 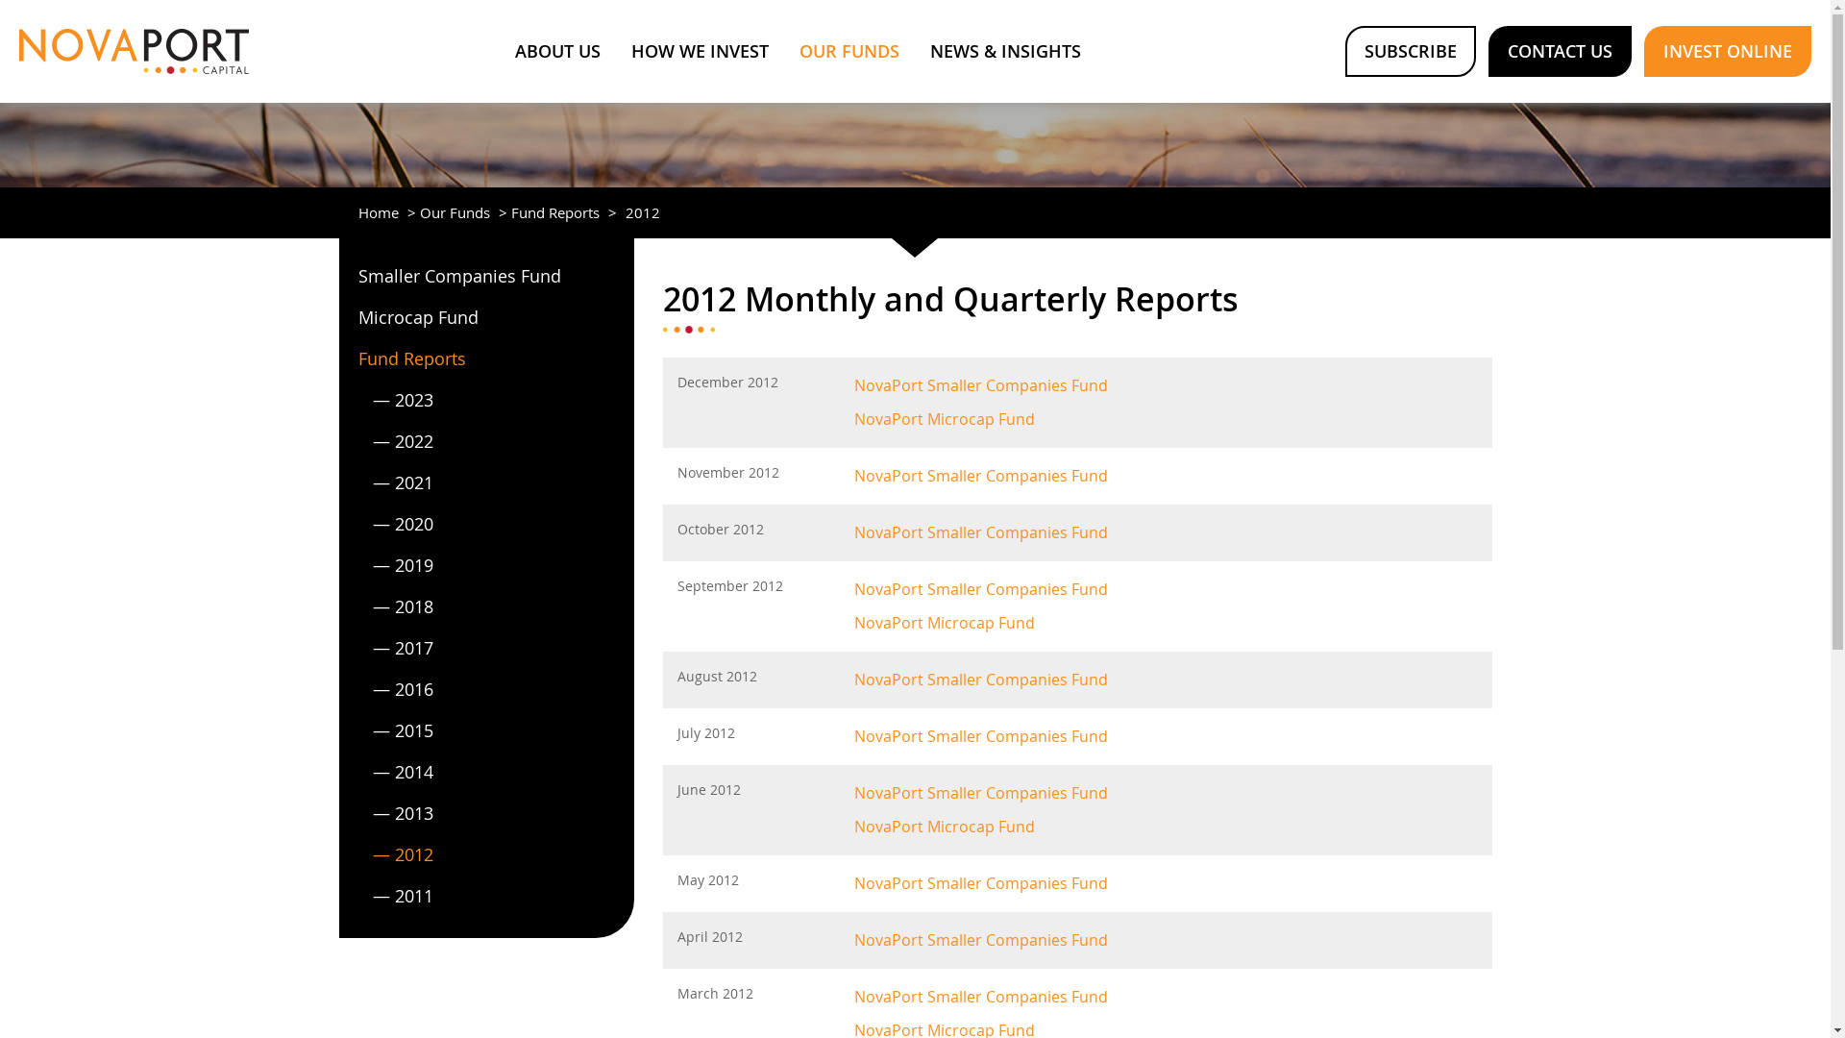 What do you see at coordinates (1344, 50) in the screenshot?
I see `'SUBSCRIBE'` at bounding box center [1344, 50].